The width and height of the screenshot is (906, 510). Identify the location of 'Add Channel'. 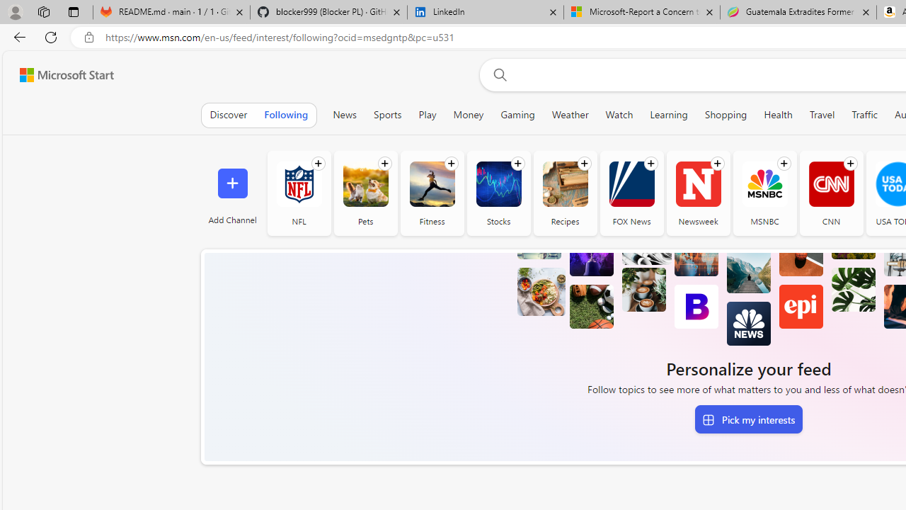
(232, 193).